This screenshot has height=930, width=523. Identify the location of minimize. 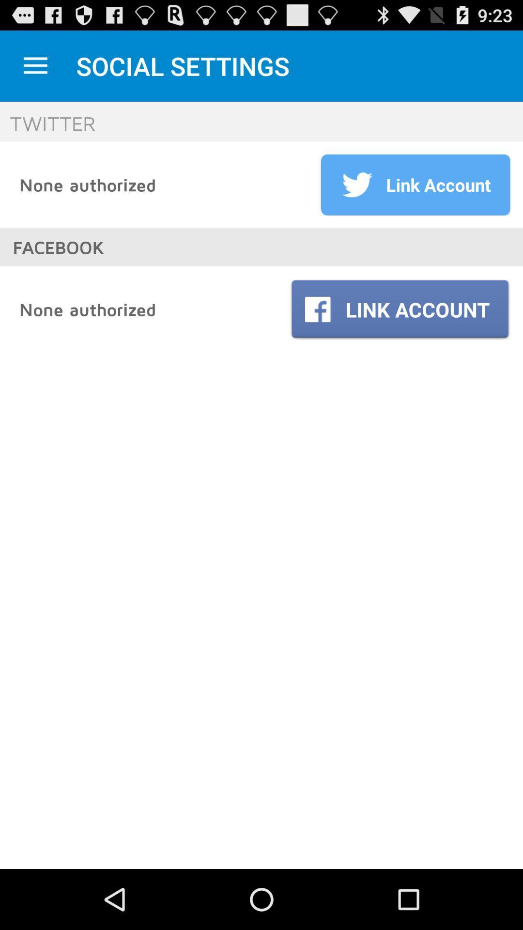
(35, 65).